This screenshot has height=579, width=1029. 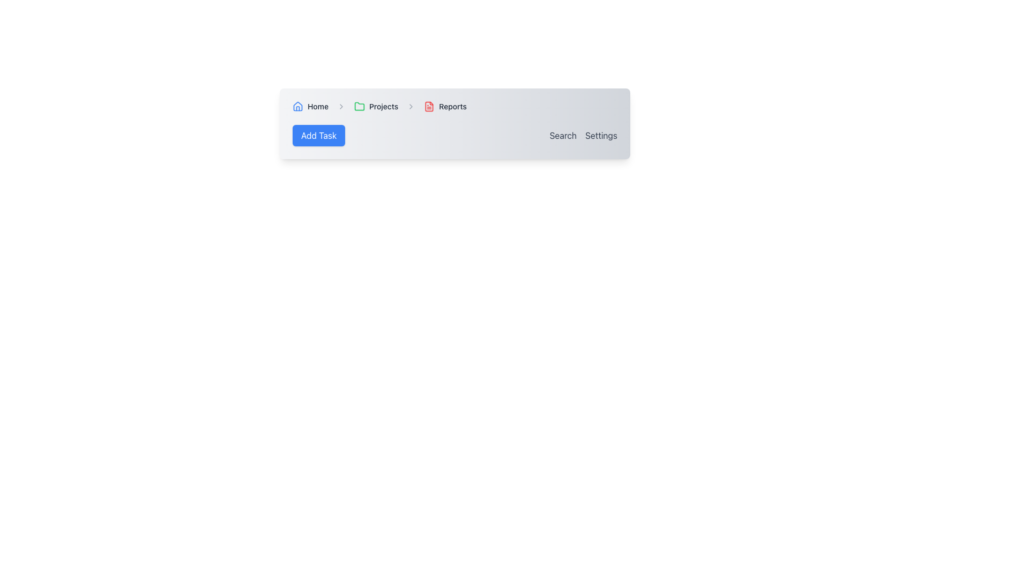 What do you see at coordinates (445, 107) in the screenshot?
I see `the third item in the breadcrumb navigation bar, which indicates the 'Reports' section` at bounding box center [445, 107].